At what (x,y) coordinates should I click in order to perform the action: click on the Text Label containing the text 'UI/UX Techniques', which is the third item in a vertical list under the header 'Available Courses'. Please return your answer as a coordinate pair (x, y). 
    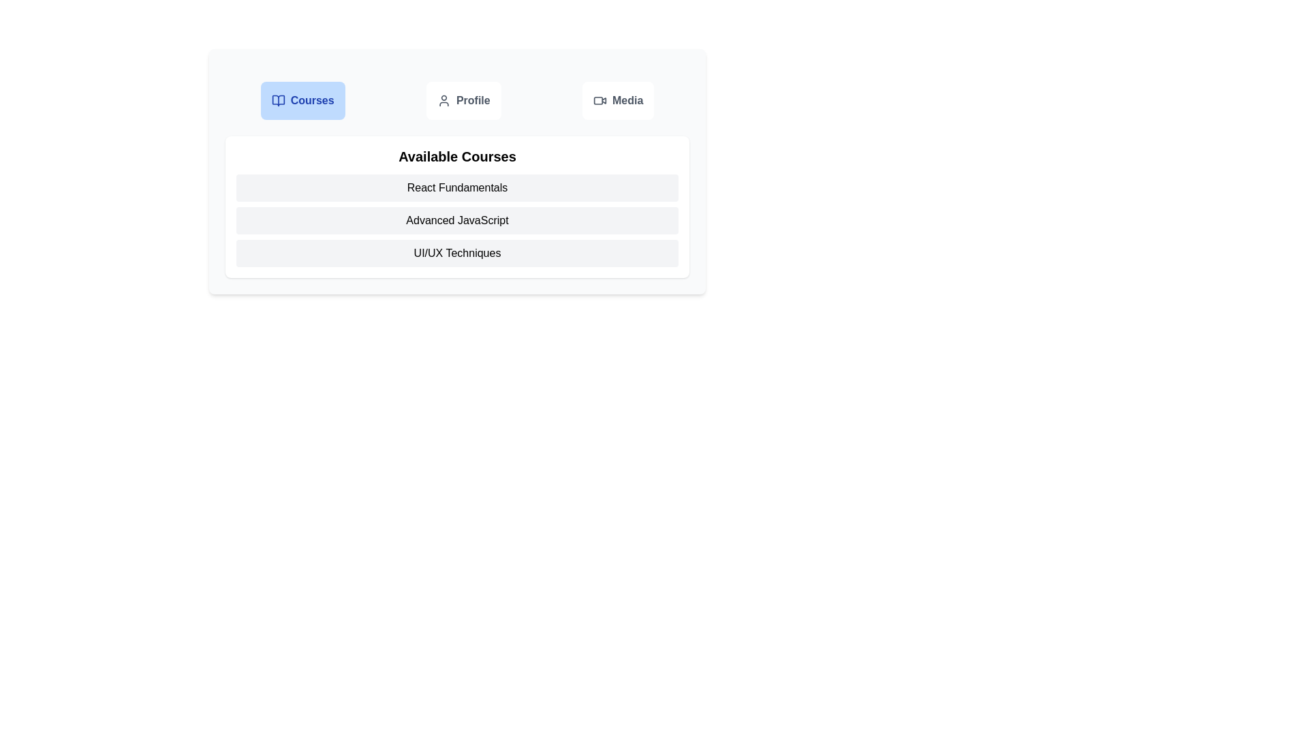
    Looking at the image, I should click on (457, 253).